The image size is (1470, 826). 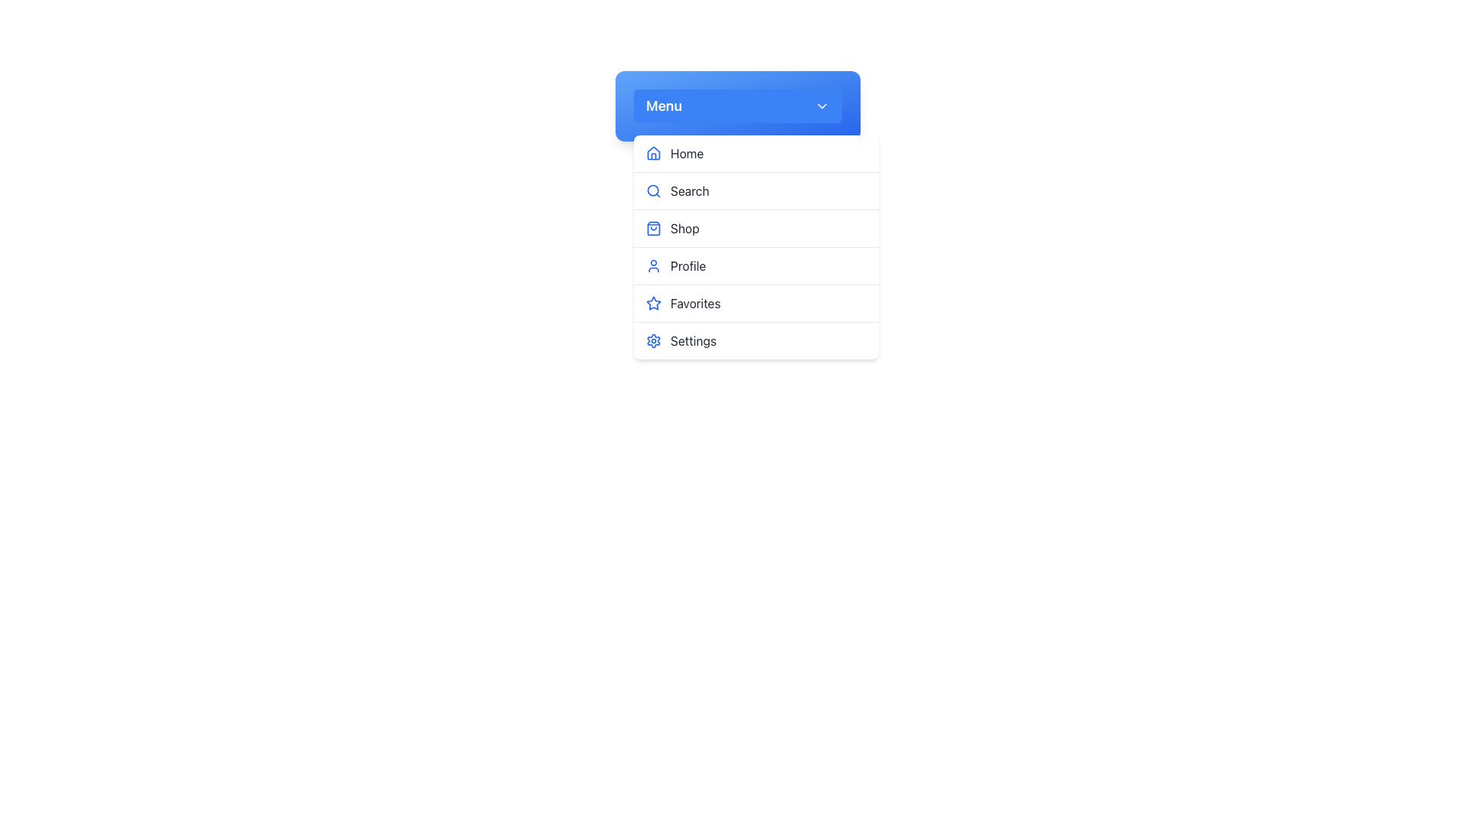 I want to click on the 'Search' menu item located in the drop-down menu, which is the second item in the vertical list of menu options, so click(x=756, y=190).